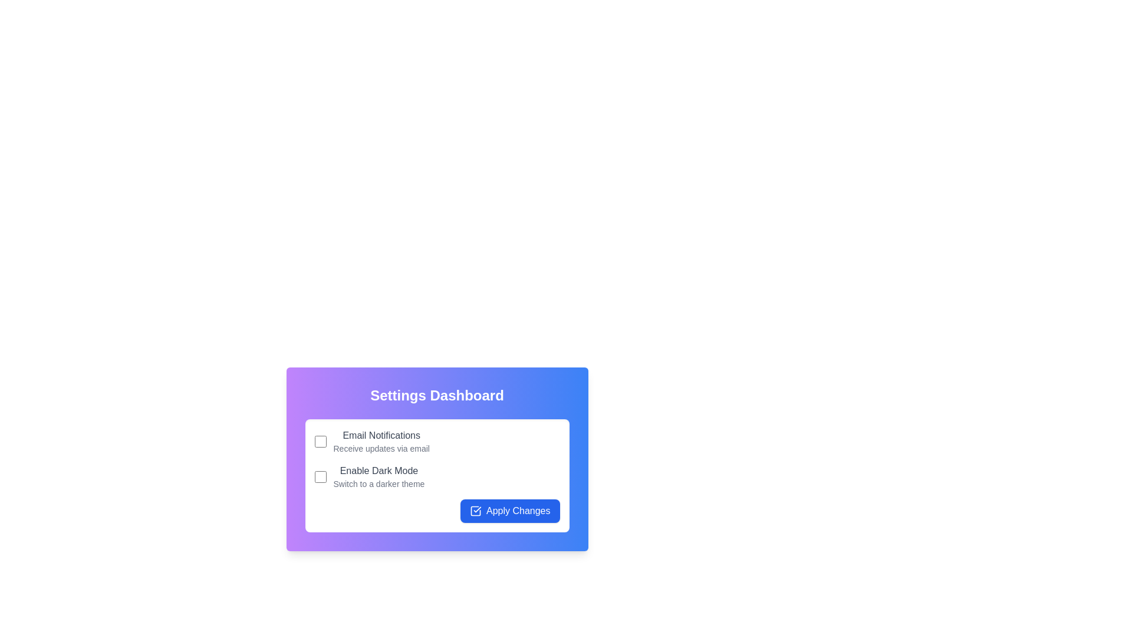  Describe the element at coordinates (379, 483) in the screenshot. I see `the text label that reads 'Switch to a darker theme', which is positioned directly below 'Enable Dark Mode' in the settings card` at that location.